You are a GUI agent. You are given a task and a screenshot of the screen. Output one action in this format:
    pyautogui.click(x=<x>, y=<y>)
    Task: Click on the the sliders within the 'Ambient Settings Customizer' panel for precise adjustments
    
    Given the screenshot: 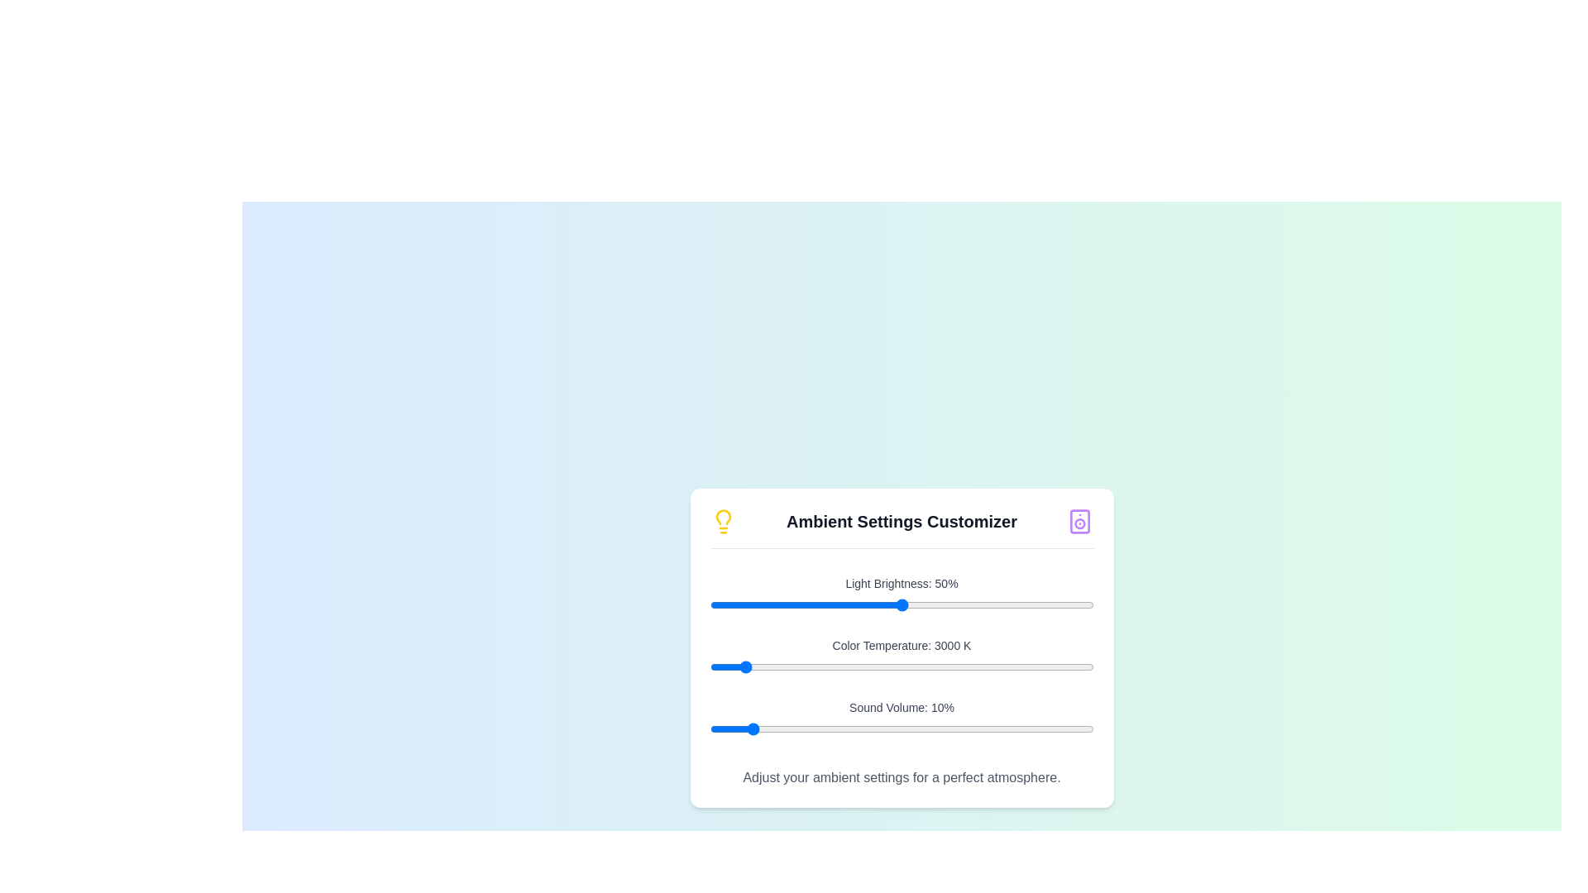 What is the action you would take?
    pyautogui.click(x=901, y=647)
    